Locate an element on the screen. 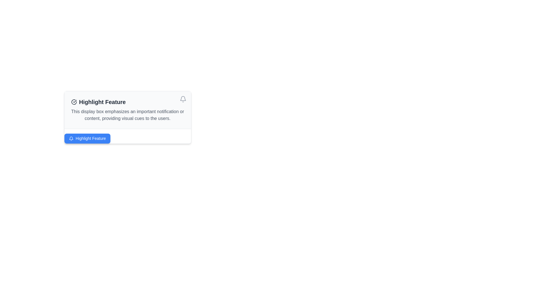  the small bell icon positioned to the left of the 'Highlight Feature' button within the rounded rectangular blue button at the bottom-right corner of the notification box is located at coordinates (71, 138).